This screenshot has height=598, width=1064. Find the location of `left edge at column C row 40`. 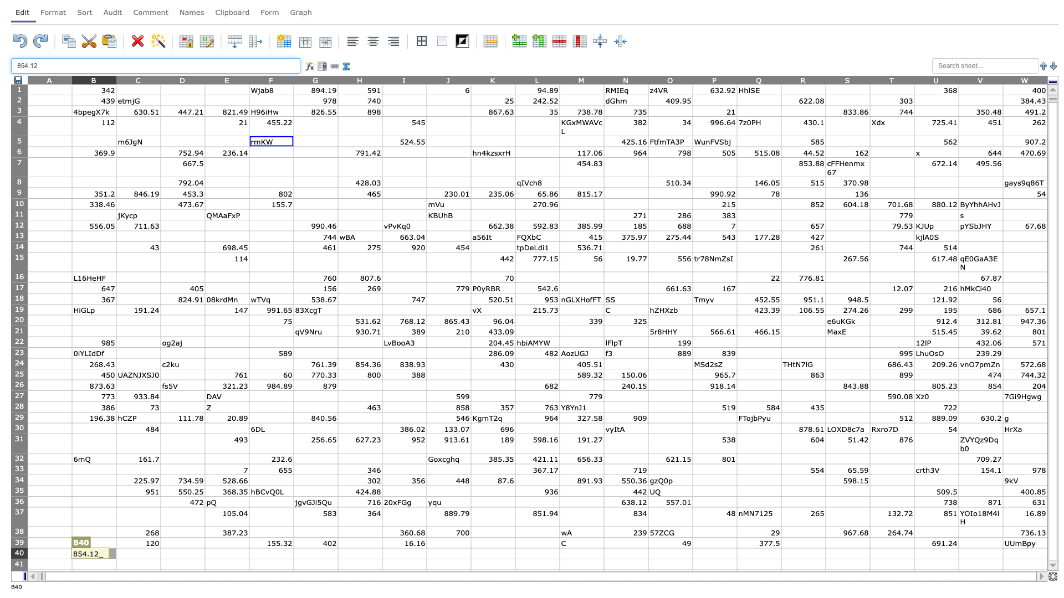

left edge at column C row 40 is located at coordinates (116, 553).